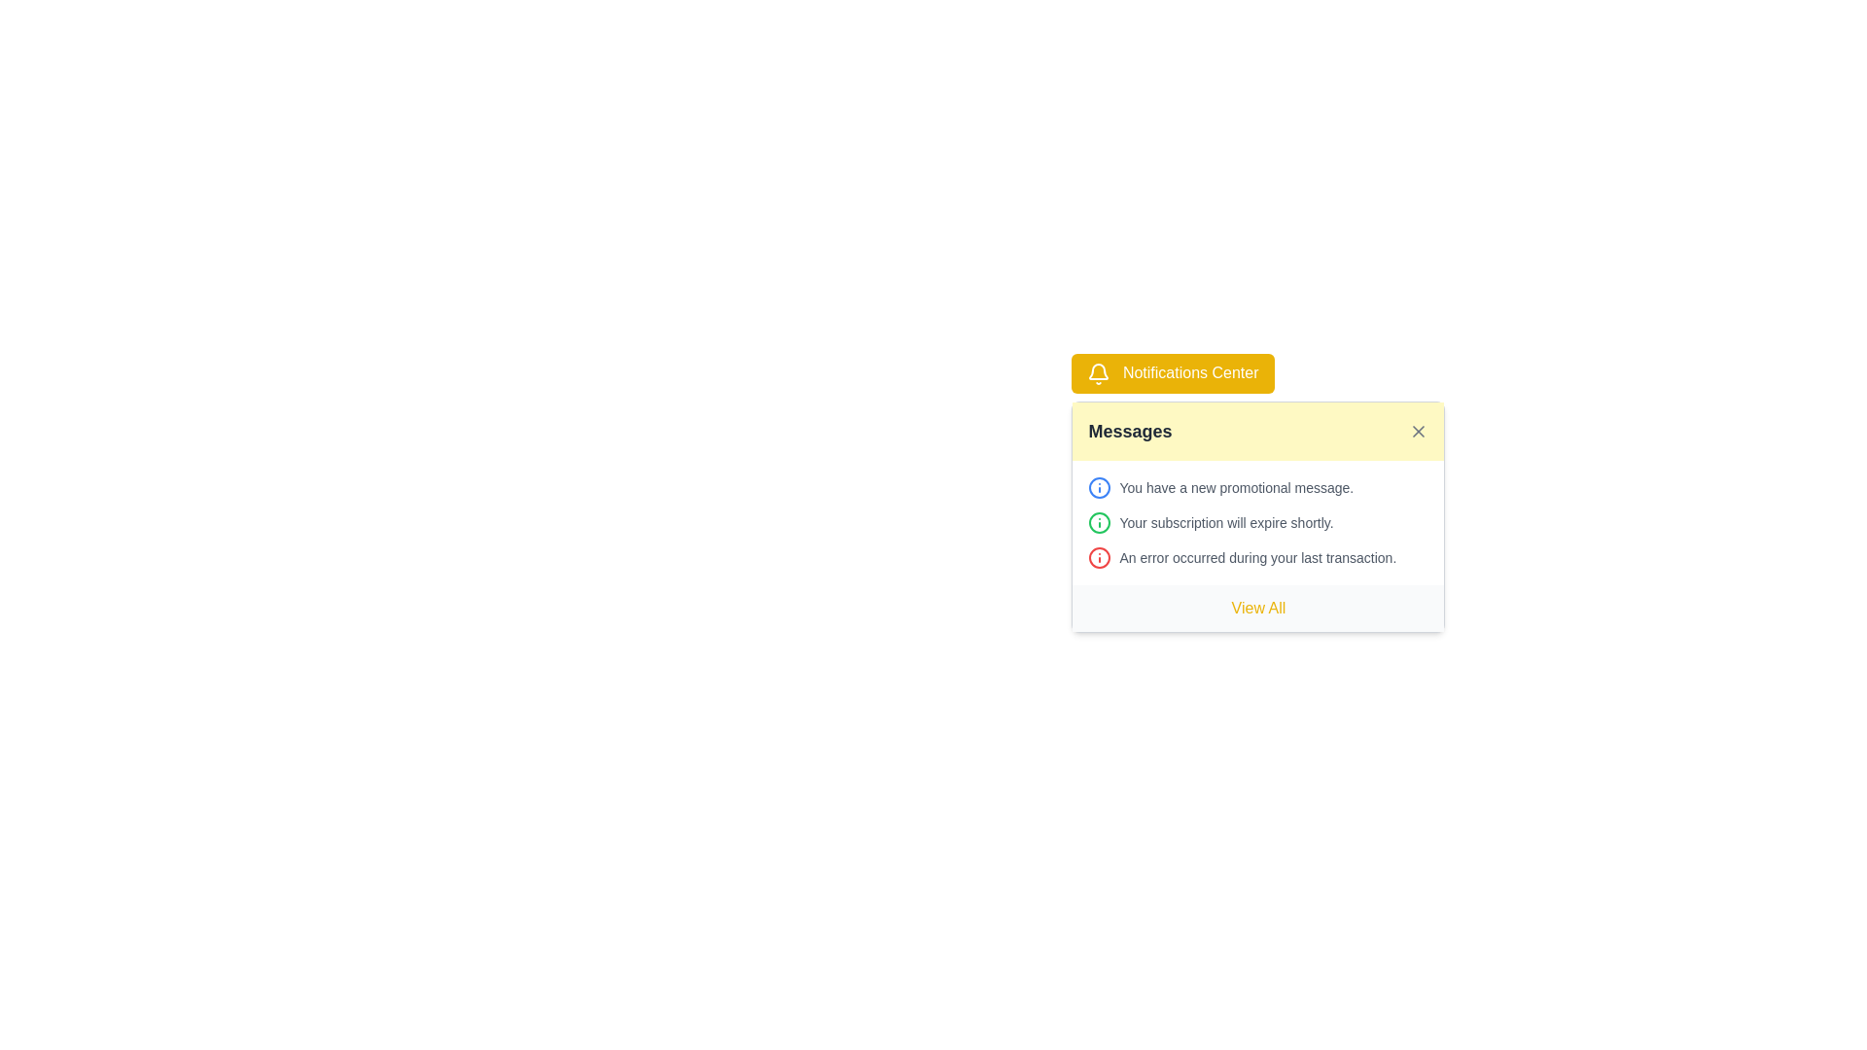 The height and width of the screenshot is (1050, 1867). I want to click on notification message that states 'Your subscription will expire shortly.' which is the second message in the notification panel under 'Messages', so click(1258, 521).